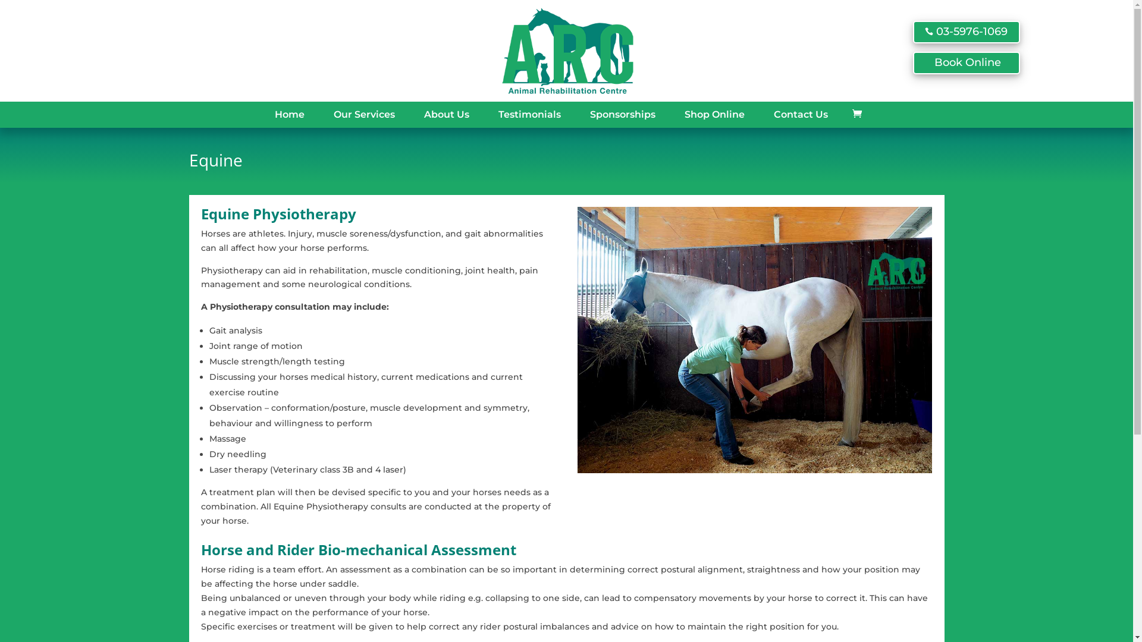  What do you see at coordinates (965, 62) in the screenshot?
I see `'Book Online'` at bounding box center [965, 62].